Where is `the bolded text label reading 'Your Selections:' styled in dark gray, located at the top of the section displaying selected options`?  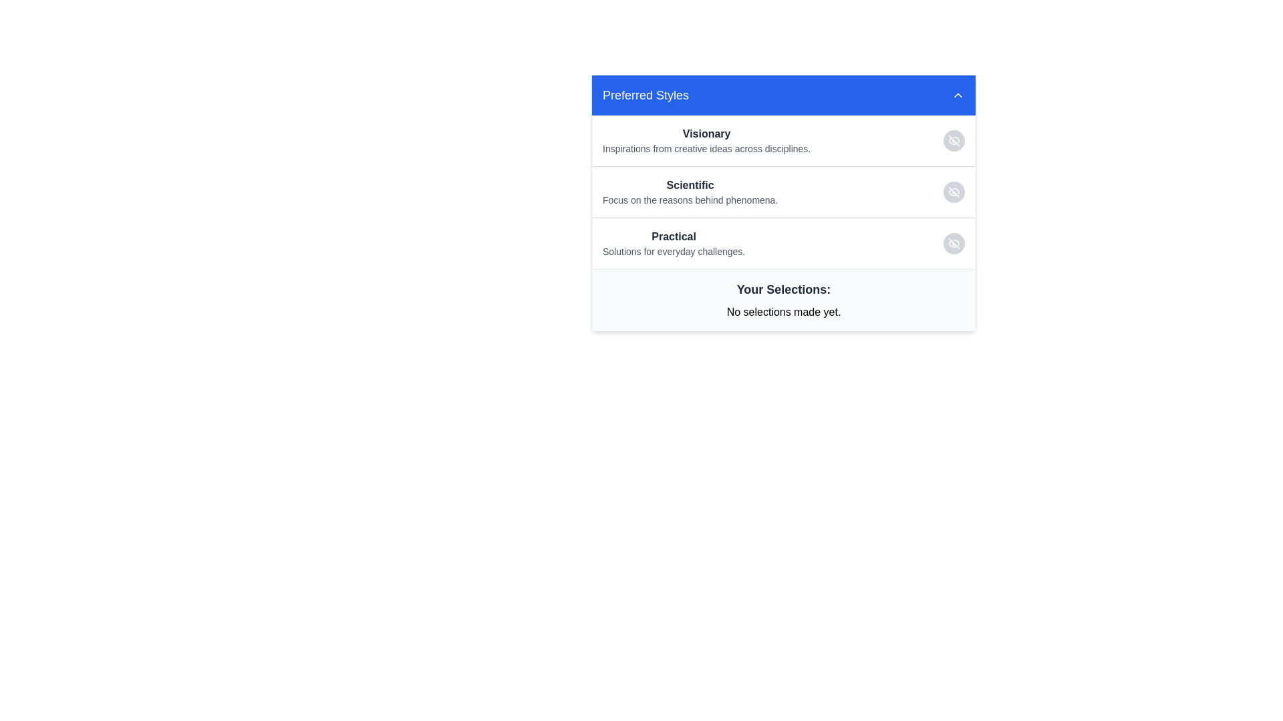 the bolded text label reading 'Your Selections:' styled in dark gray, located at the top of the section displaying selected options is located at coordinates (783, 289).